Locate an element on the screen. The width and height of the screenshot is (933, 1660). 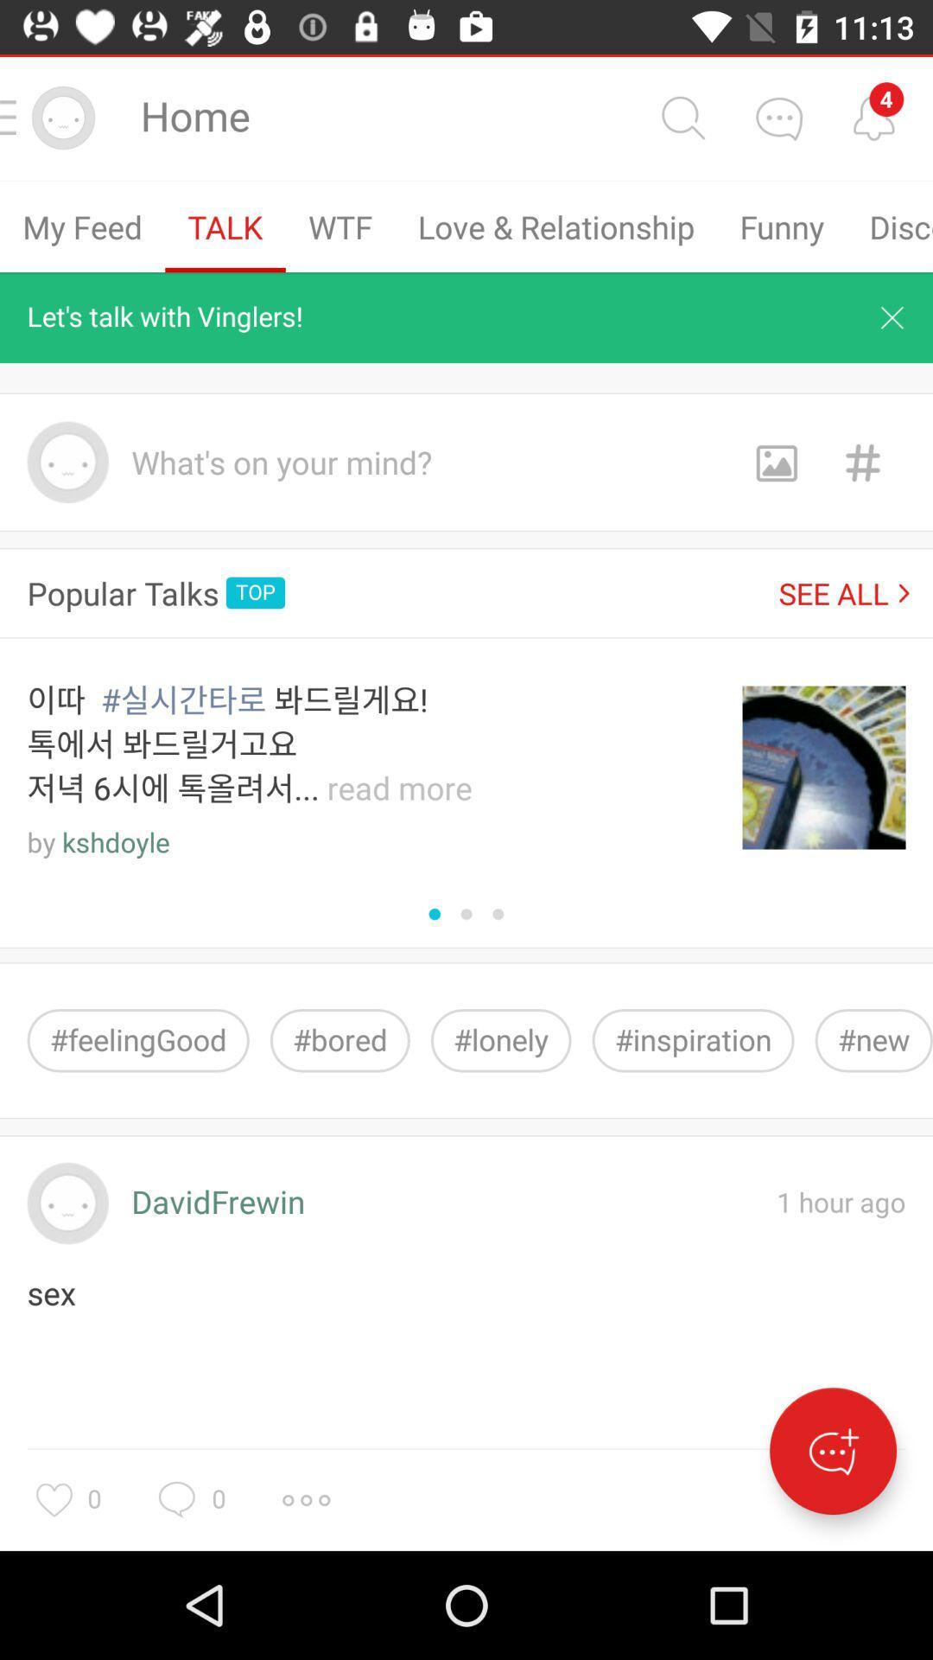
close is located at coordinates (892, 317).